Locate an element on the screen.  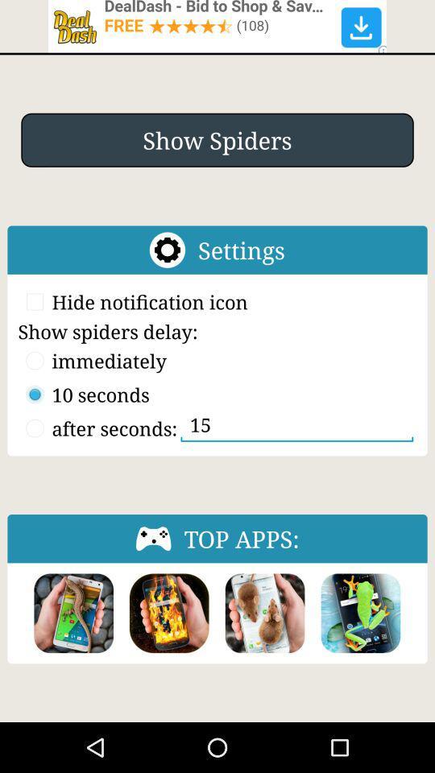
choose a picture is located at coordinates (360, 612).